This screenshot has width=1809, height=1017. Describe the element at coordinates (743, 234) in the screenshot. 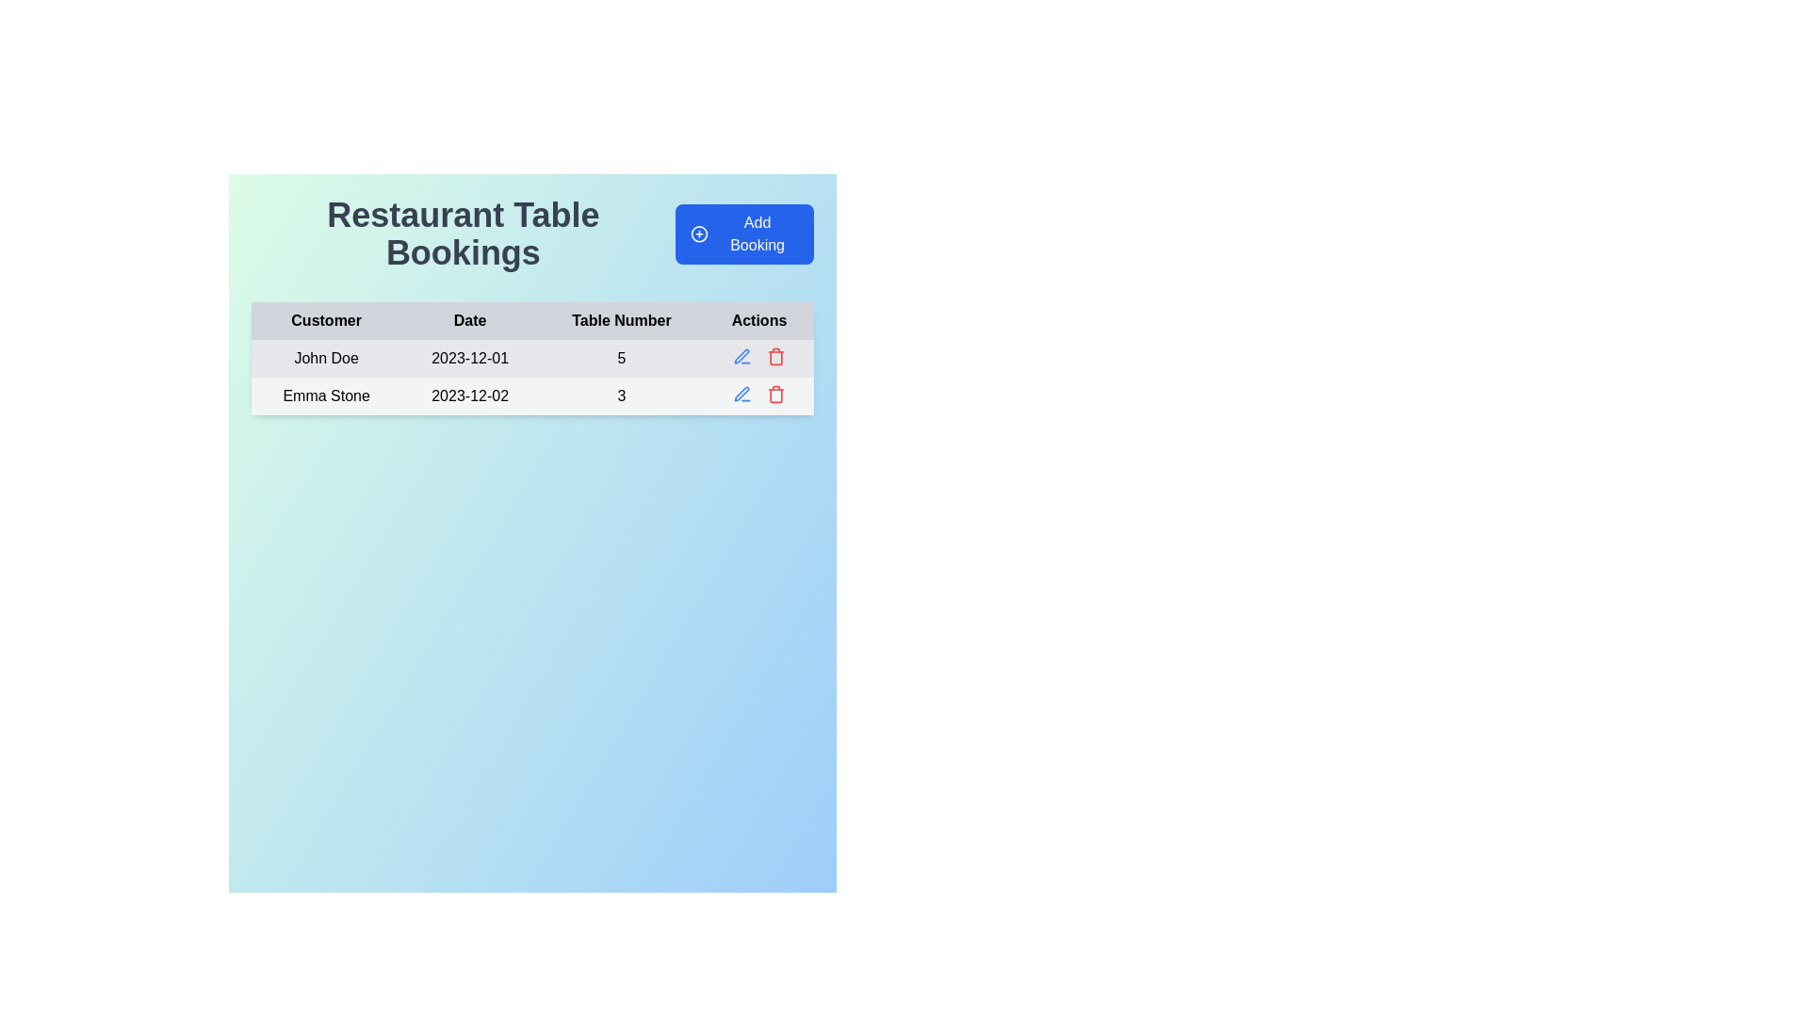

I see `the 'Add Booking' button, which is a rectangular button with a blue background and white text, located to the right of the 'Restaurant Table Bookings' heading, to initiate the add booking process` at that location.